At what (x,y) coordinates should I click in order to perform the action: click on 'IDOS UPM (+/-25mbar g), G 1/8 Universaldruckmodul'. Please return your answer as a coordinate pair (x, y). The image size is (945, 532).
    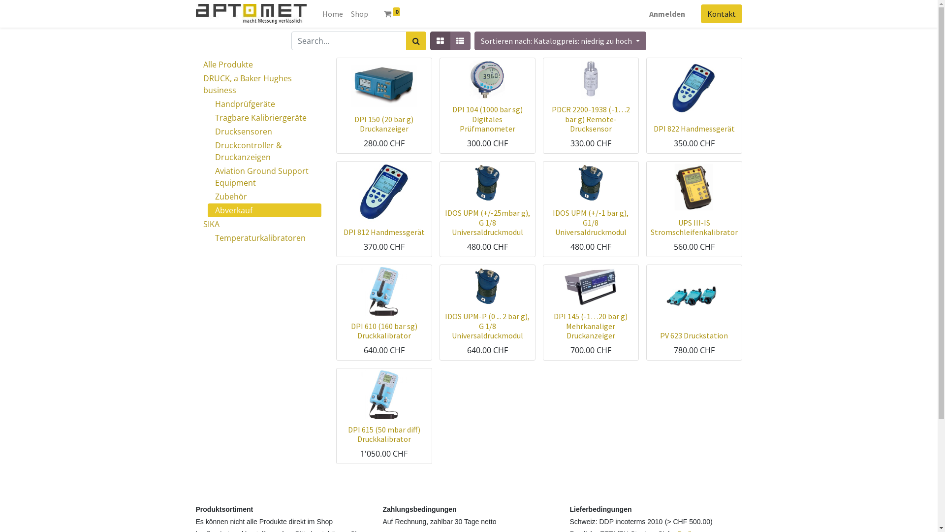
    Looking at the image, I should click on (444, 222).